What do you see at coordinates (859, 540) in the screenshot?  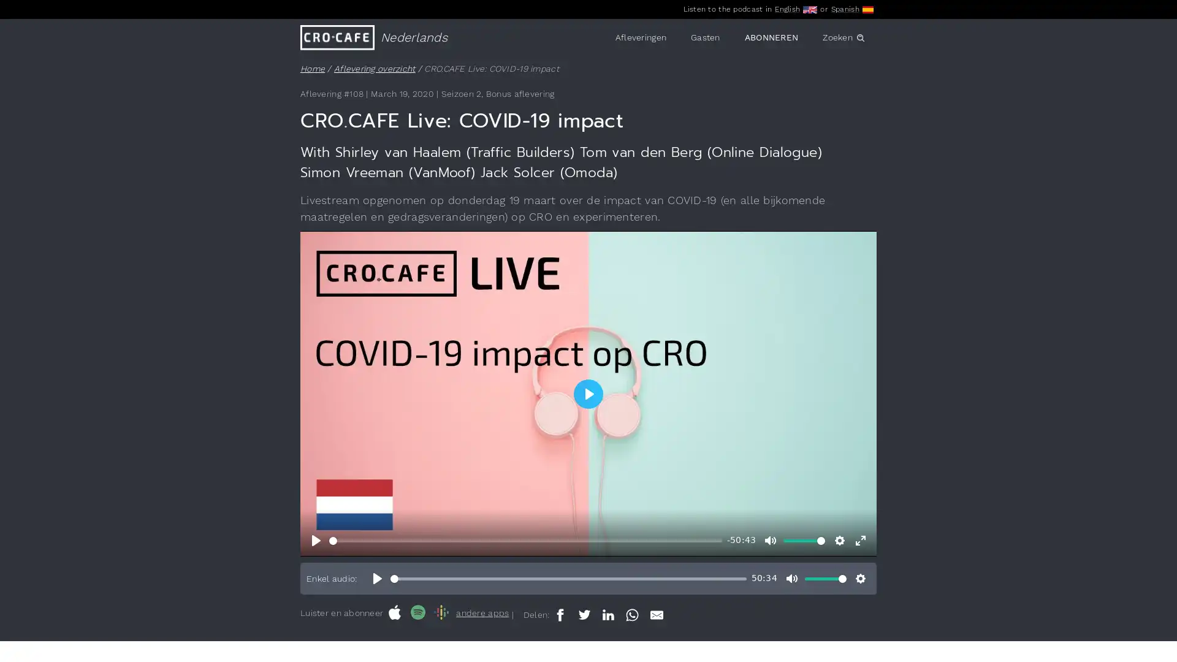 I see `Enter fullscreen` at bounding box center [859, 540].